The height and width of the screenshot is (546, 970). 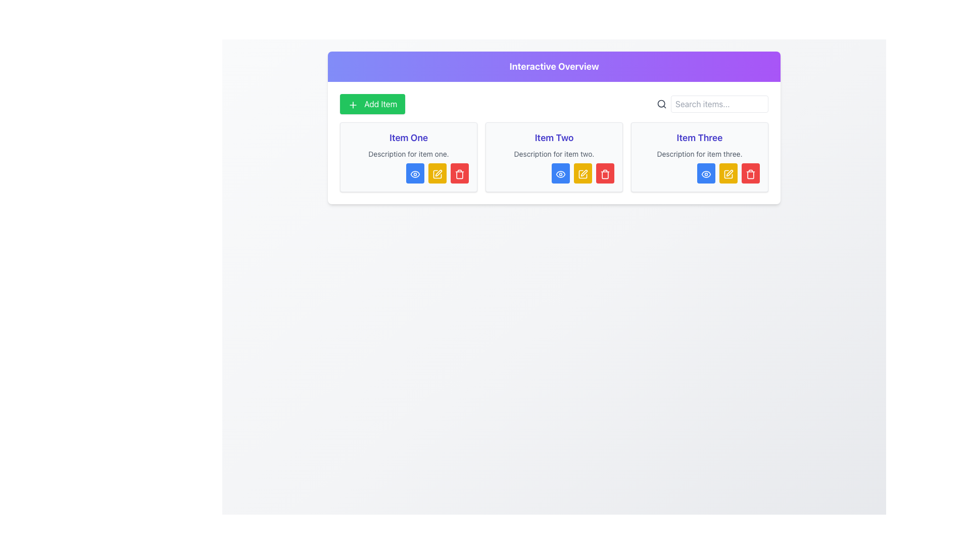 I want to click on the edit button for 'Item Three', which is the second button in the sequence of control buttons associated with the item, located between the blue eye icon and the red trash can icon, so click(x=728, y=173).